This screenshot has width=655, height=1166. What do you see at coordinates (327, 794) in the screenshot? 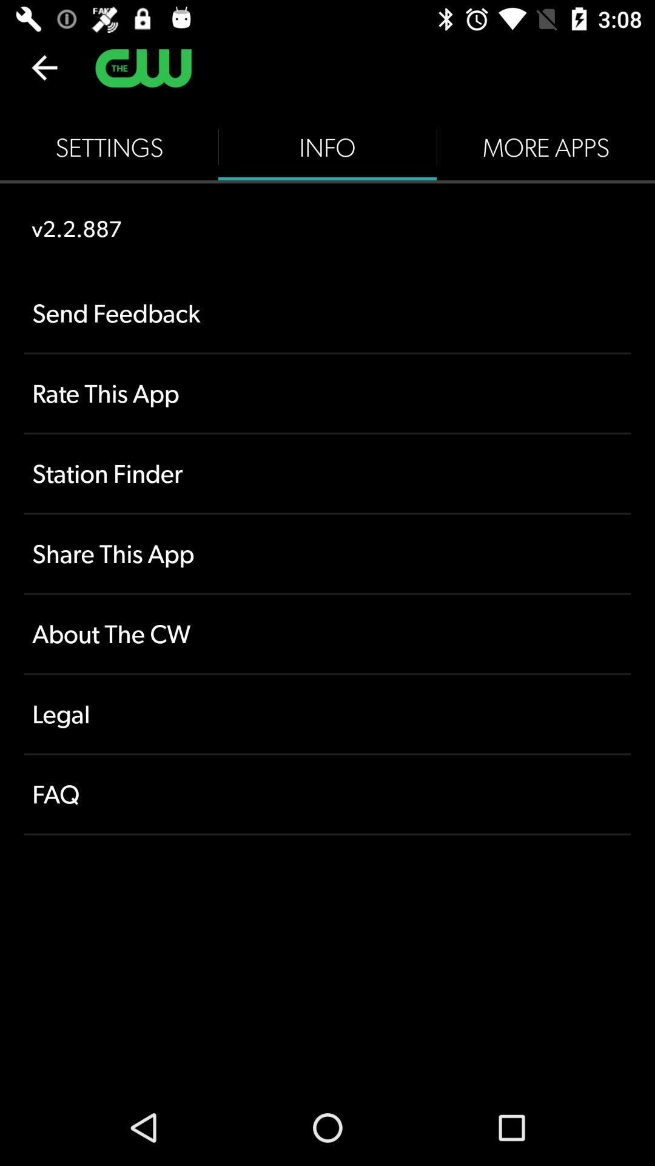
I see `faq` at bounding box center [327, 794].